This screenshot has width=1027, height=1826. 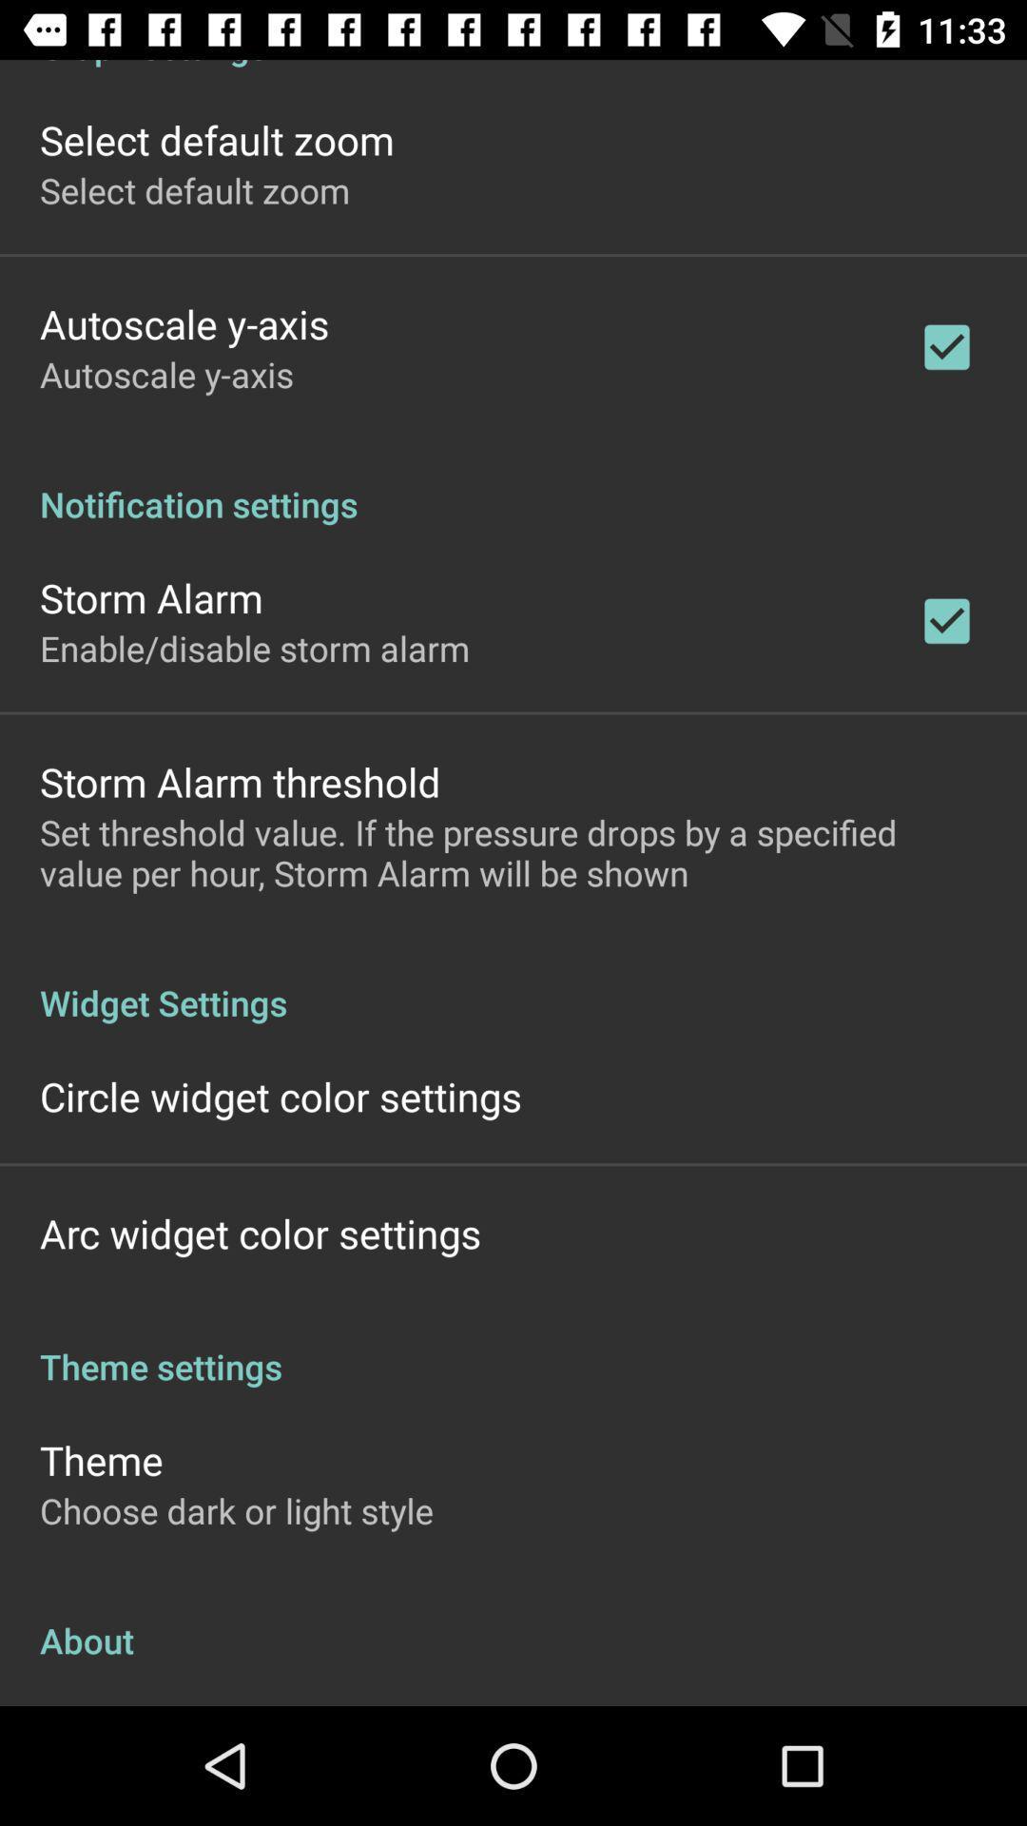 I want to click on app above the theme, so click(x=513, y=1346).